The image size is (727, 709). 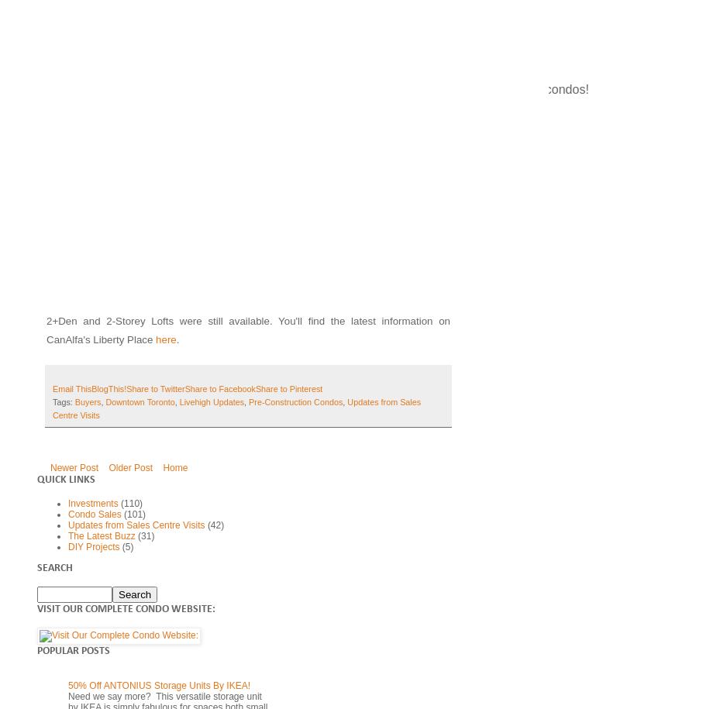 I want to click on 'Older Post', so click(x=109, y=466).